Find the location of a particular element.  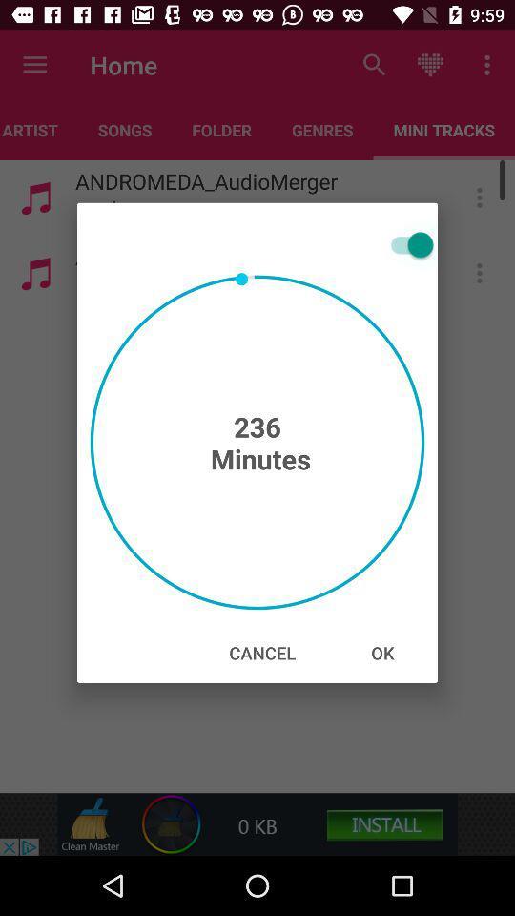

the icon at the top right corner is located at coordinates (406, 243).